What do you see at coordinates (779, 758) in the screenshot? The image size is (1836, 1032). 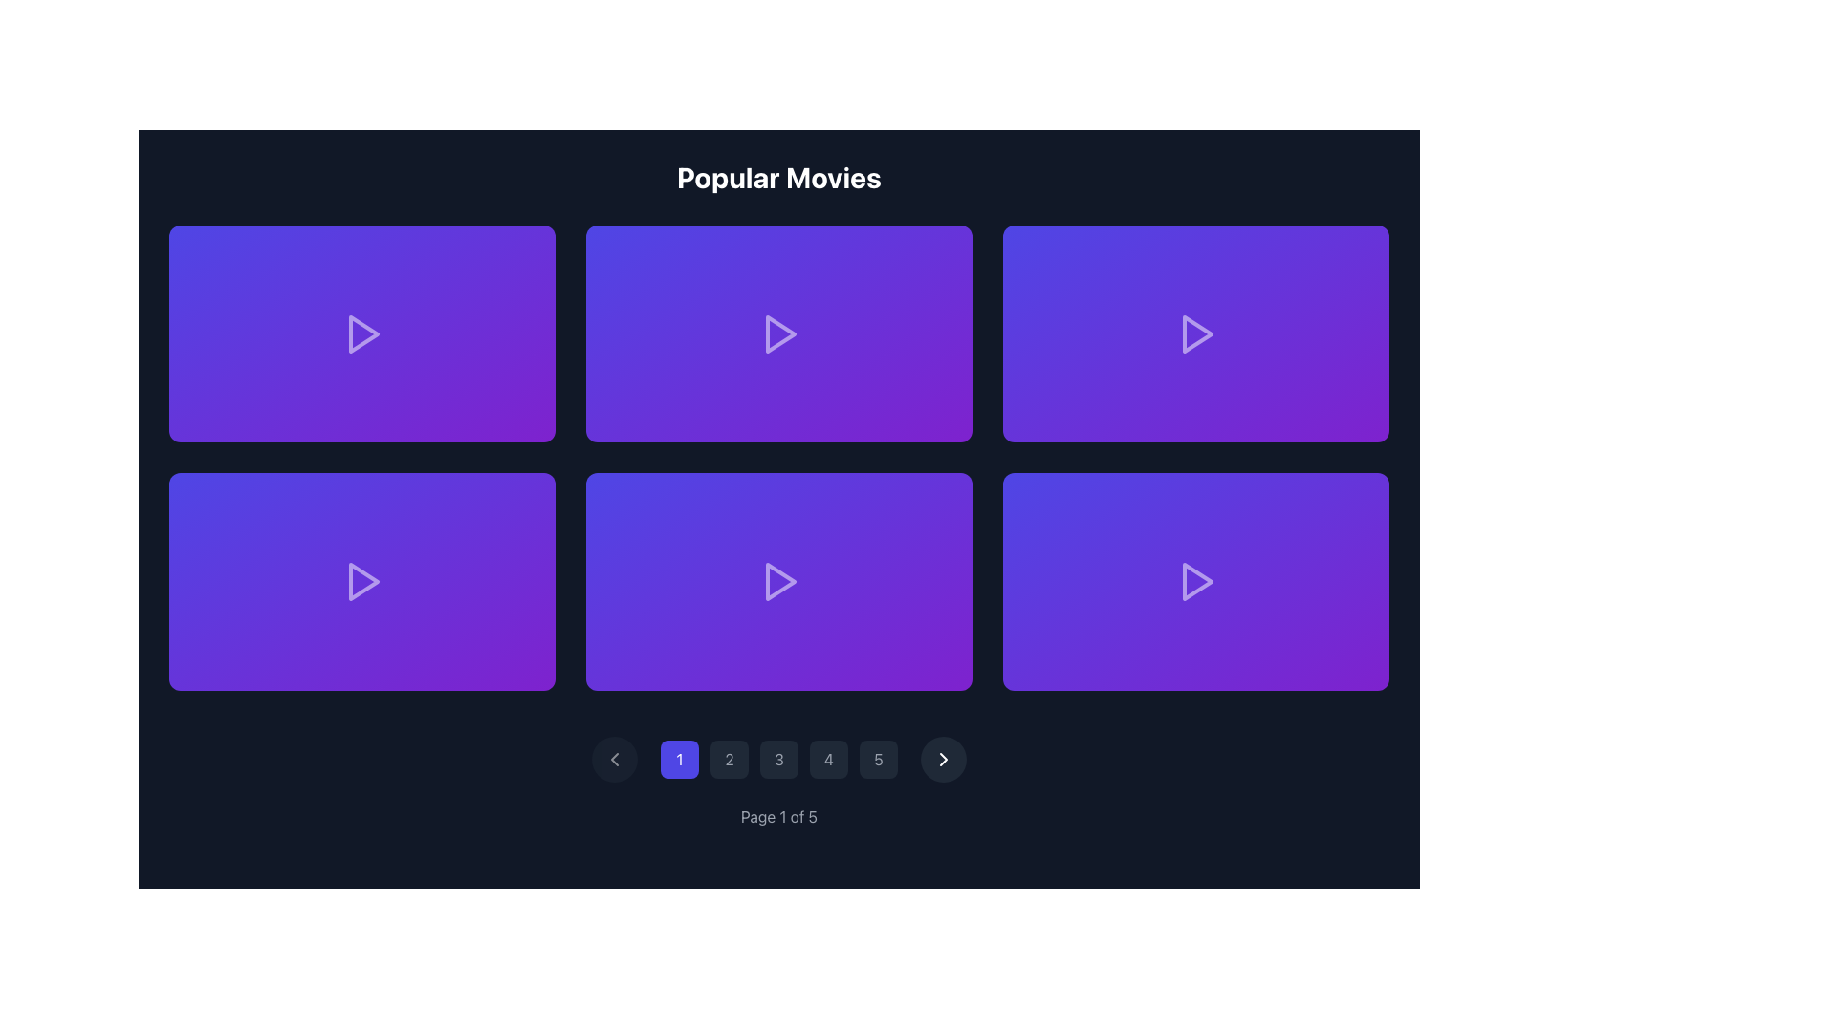 I see `the pagination button labeled '3'` at bounding box center [779, 758].